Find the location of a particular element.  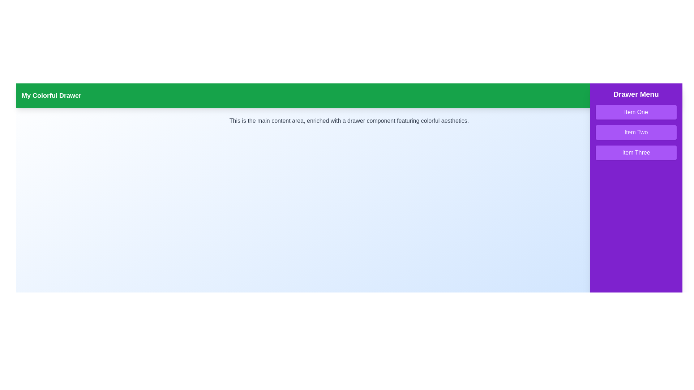

the 'Item Three' button with a vibrant purple background and white text is located at coordinates (636, 152).